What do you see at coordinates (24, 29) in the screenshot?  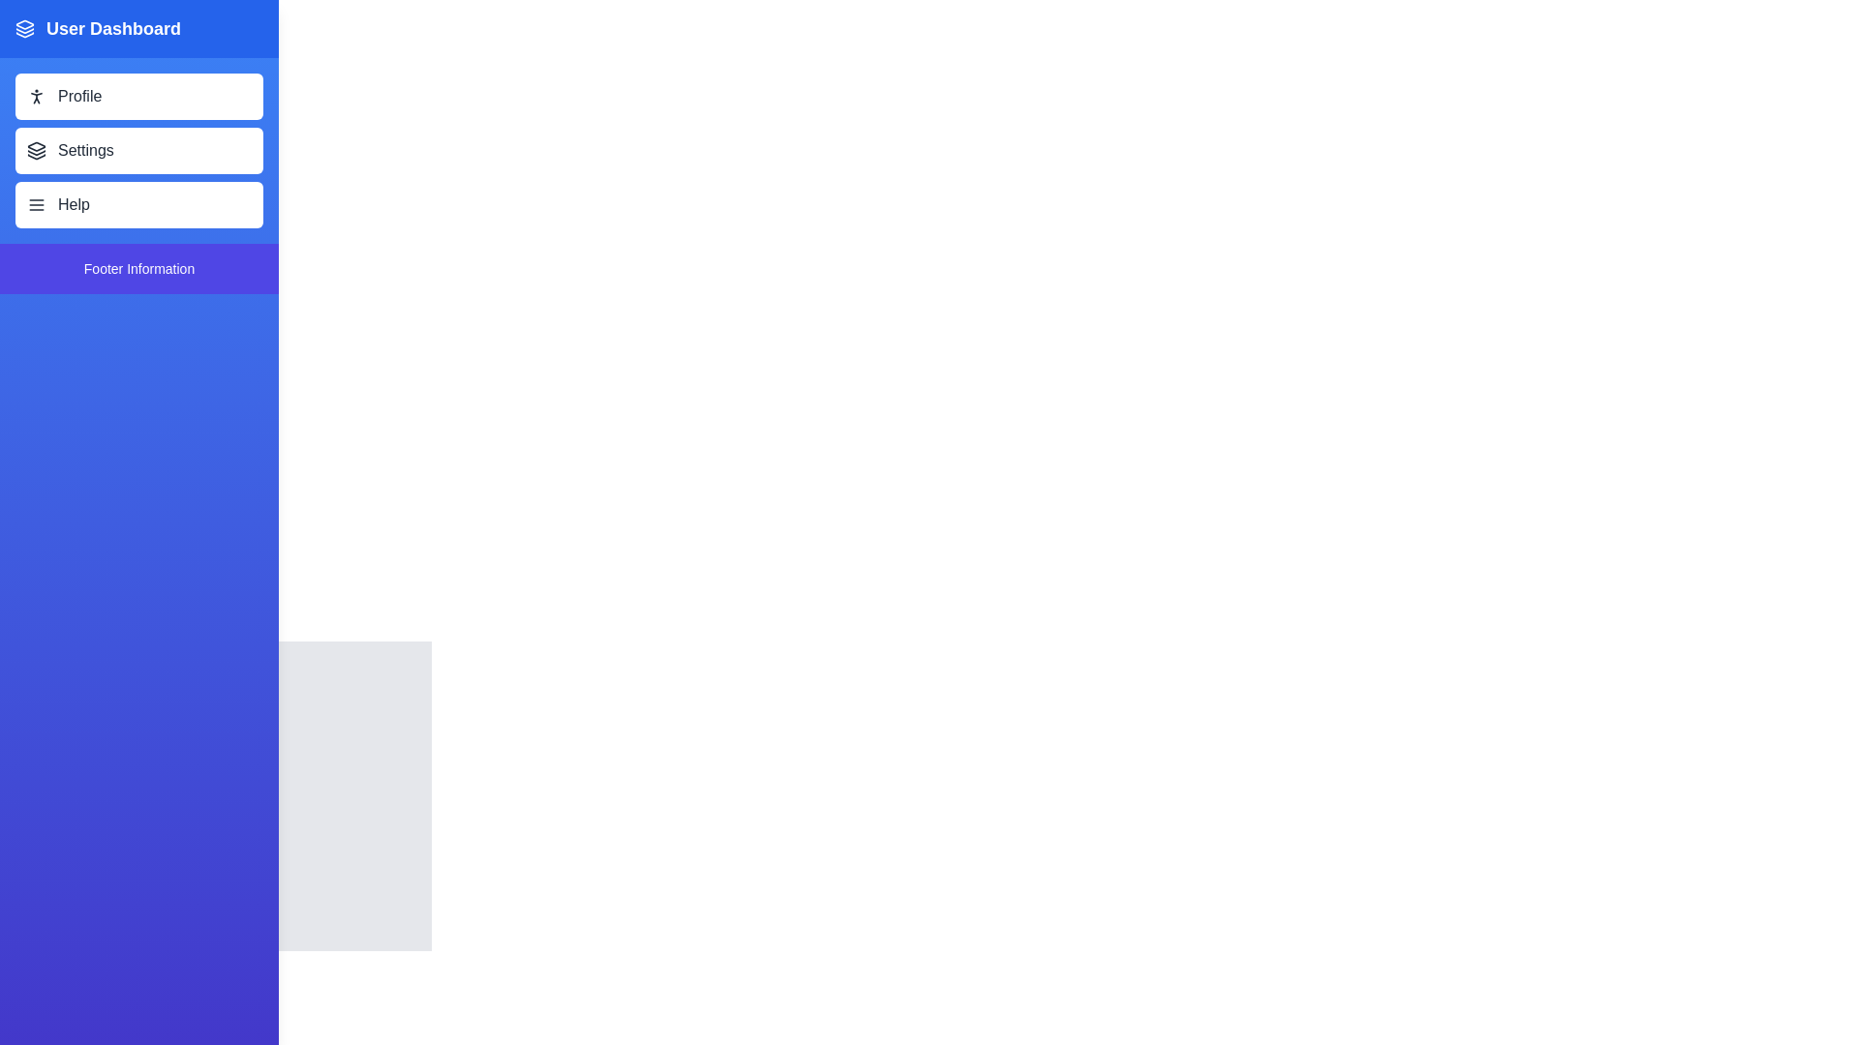 I see `the icon representing layers or sections related to the 'User Dashboard'` at bounding box center [24, 29].